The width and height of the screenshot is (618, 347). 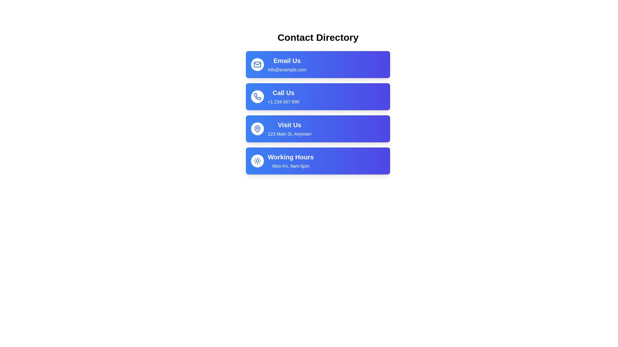 I want to click on the 'Email Us' text display element, which features a larger bold font for 'Email Us' and a smaller font for 'info@example.com', located in the topmost item of the contact options list, so click(x=287, y=64).